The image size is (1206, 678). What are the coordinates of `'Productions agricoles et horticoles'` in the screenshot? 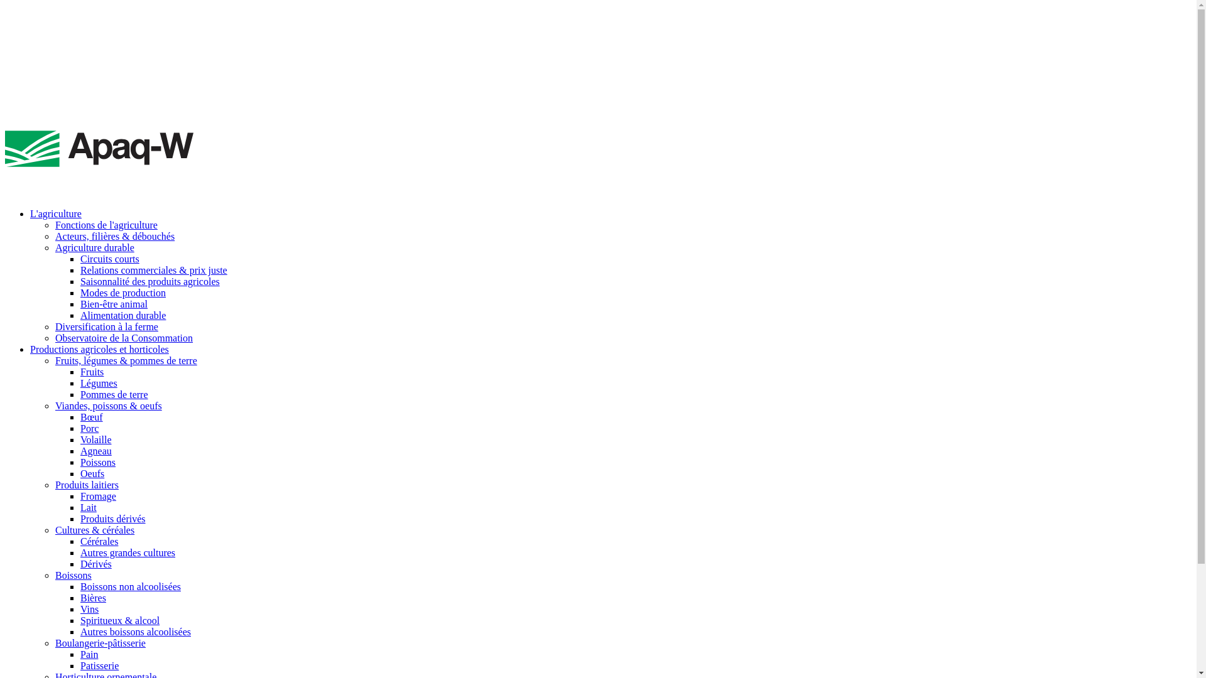 It's located at (99, 349).